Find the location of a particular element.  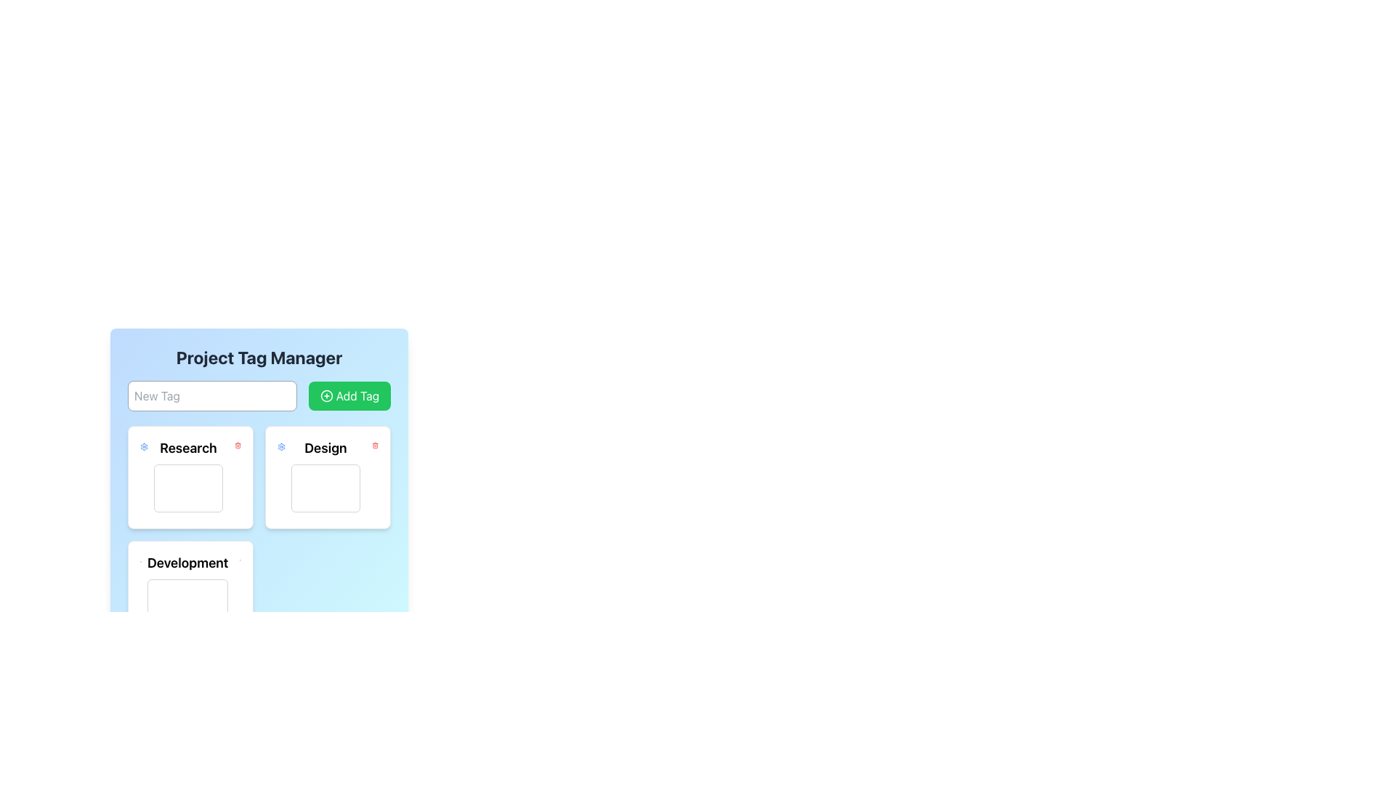

the delete button icon located at the top-right corner of the 'Design' card to possibly display additional information or effects is located at coordinates (375, 445).